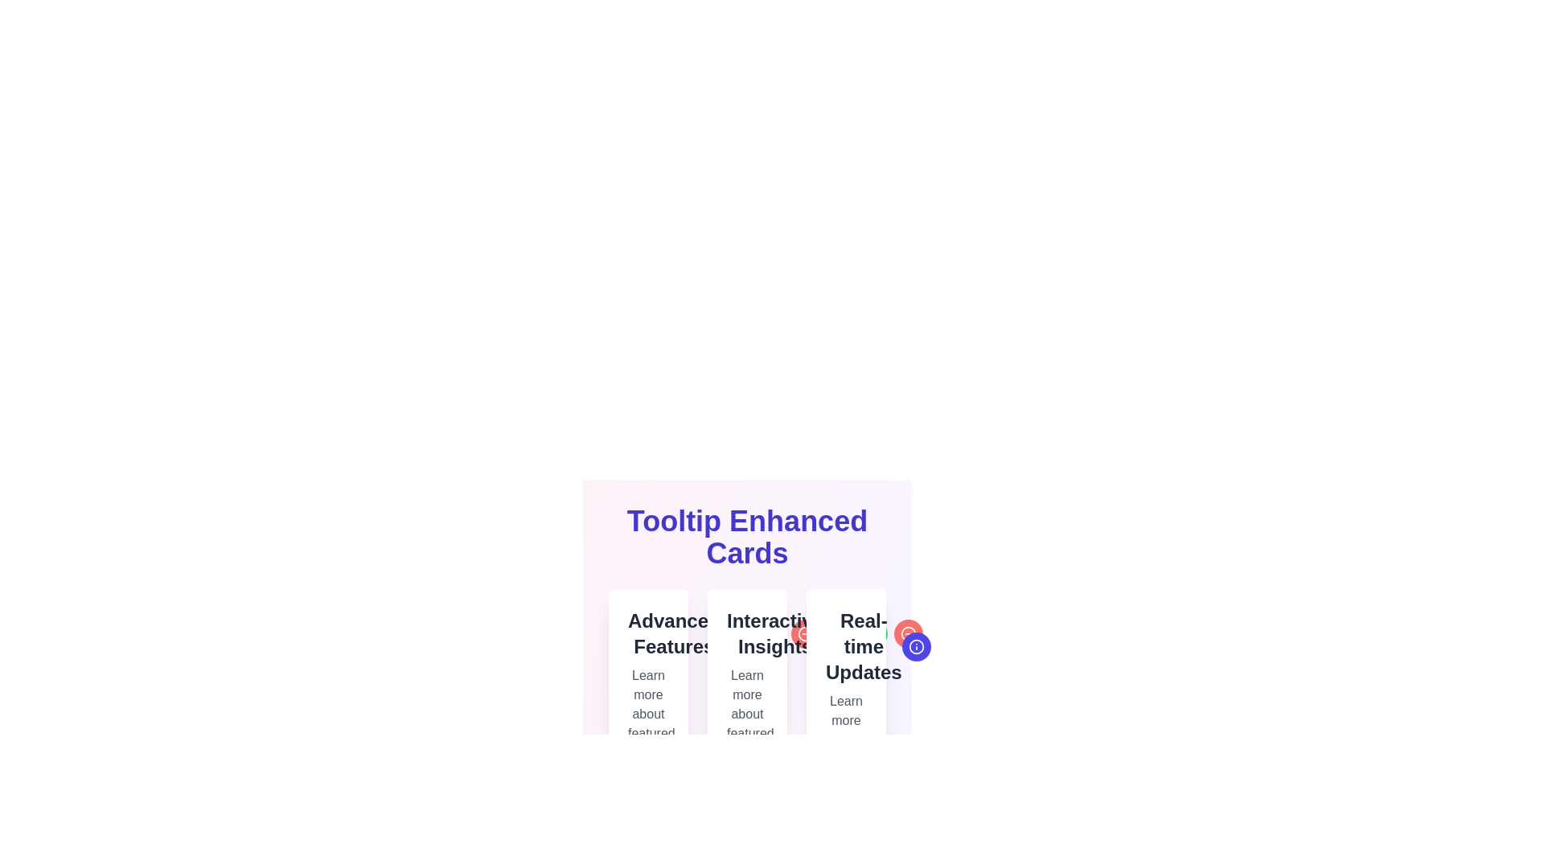 Image resolution: width=1544 pixels, height=868 pixels. Describe the element at coordinates (805, 633) in the screenshot. I see `the red circular button with a white minus sign icon` at that location.